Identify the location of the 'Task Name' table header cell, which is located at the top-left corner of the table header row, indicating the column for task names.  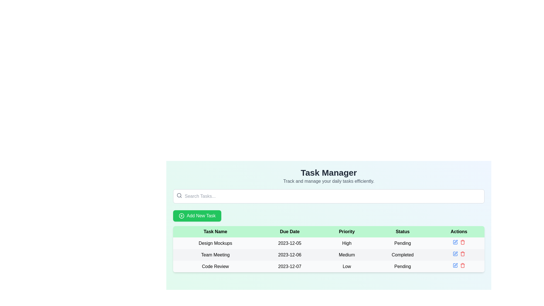
(215, 231).